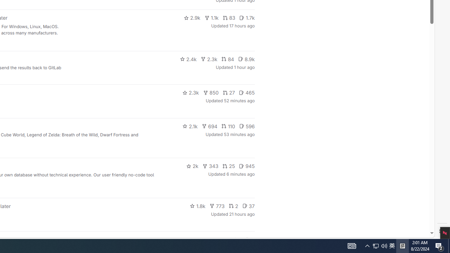 Image resolution: width=450 pixels, height=253 pixels. What do you see at coordinates (217, 206) in the screenshot?
I see `'773'` at bounding box center [217, 206].